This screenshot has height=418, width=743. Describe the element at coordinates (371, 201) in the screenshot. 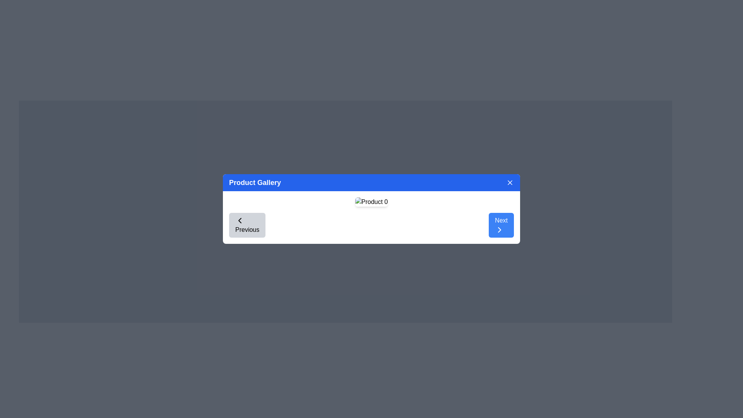

I see `on the 'Product 0' image placeholder` at that location.